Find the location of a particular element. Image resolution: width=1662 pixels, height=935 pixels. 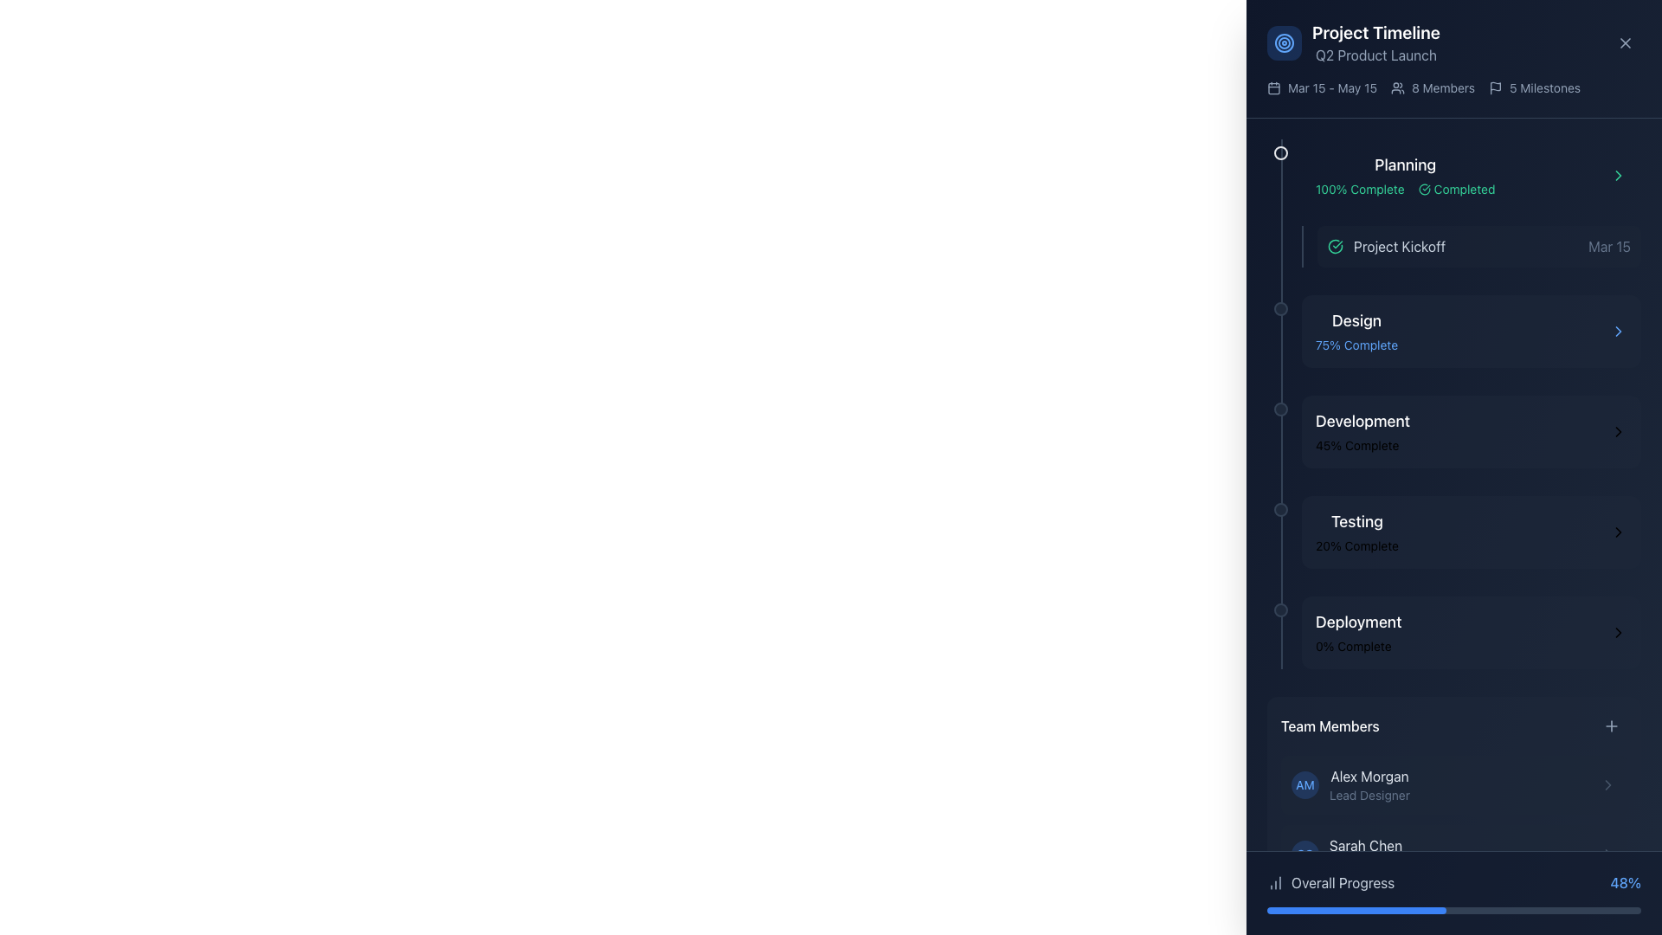

the small circular indicator that marks the 'Design' section in the timeline by moving the cursor to its center point is located at coordinates (1280, 308).